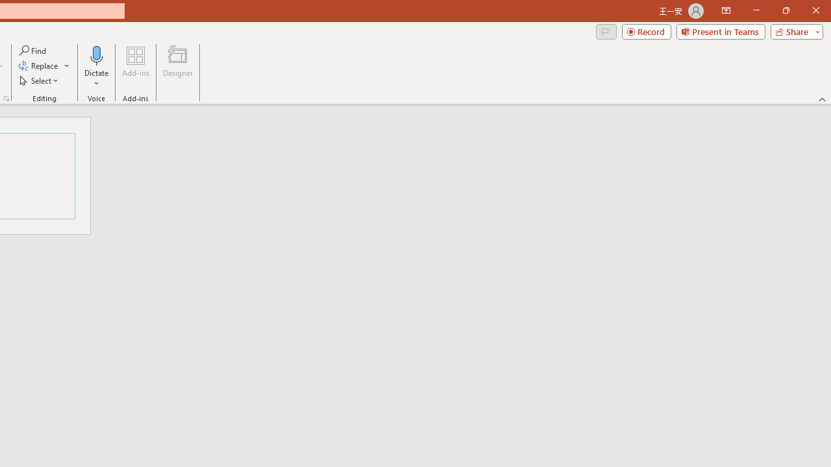 The image size is (831, 467). Describe the element at coordinates (646, 30) in the screenshot. I see `'Record'` at that location.